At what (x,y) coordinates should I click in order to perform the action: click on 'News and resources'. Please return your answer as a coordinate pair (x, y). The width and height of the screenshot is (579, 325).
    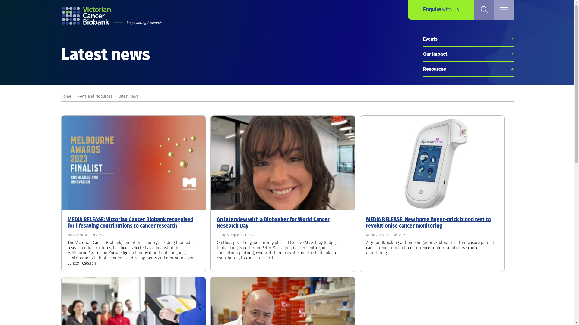
    Looking at the image, I should click on (94, 96).